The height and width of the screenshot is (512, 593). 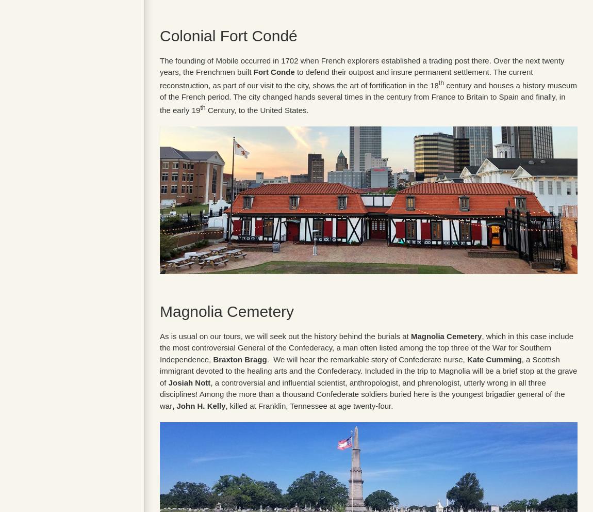 I want to click on 'The founding of Mobile occurred in 1702 when French explorers established a trading post there. Over the next twenty years, the Frenchmen built', so click(x=160, y=66).